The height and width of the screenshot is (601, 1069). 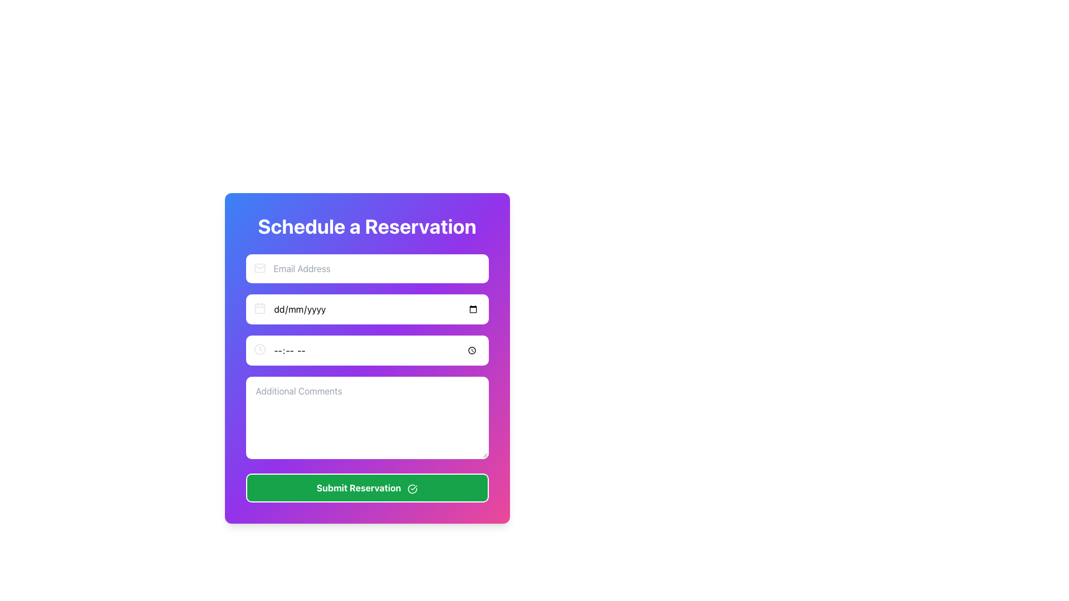 What do you see at coordinates (367, 349) in the screenshot?
I see `a time from the dropdown in the Time Input Field, which is the third input field in the 'Schedule a Reservation' form, located below the date picker and above the comments box` at bounding box center [367, 349].